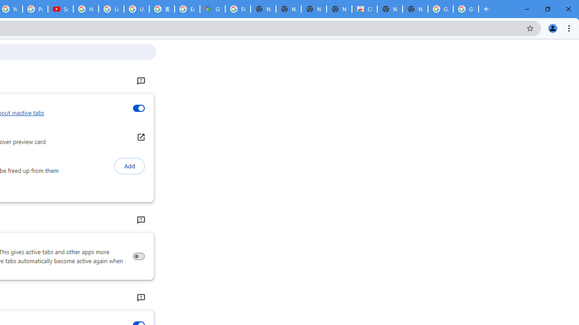  What do you see at coordinates (414, 9) in the screenshot?
I see `'New Tab'` at bounding box center [414, 9].